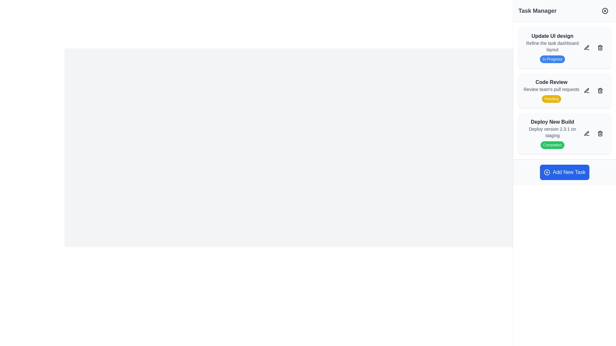 The height and width of the screenshot is (346, 616). I want to click on the delete icon button associated with the task 'Update UI design', so click(600, 47).